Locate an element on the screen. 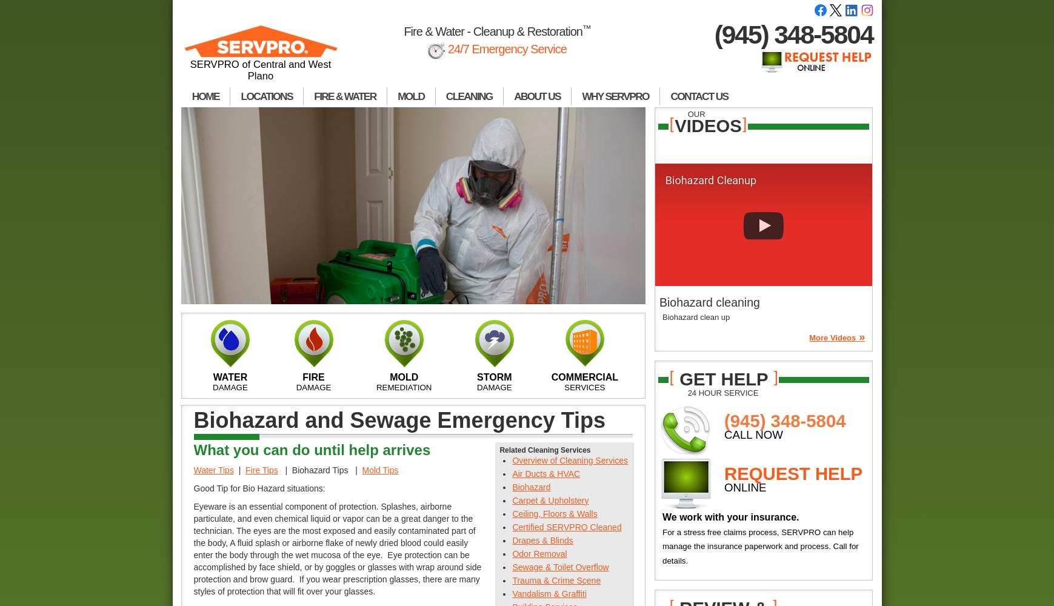  'FIRE' is located at coordinates (313, 376).